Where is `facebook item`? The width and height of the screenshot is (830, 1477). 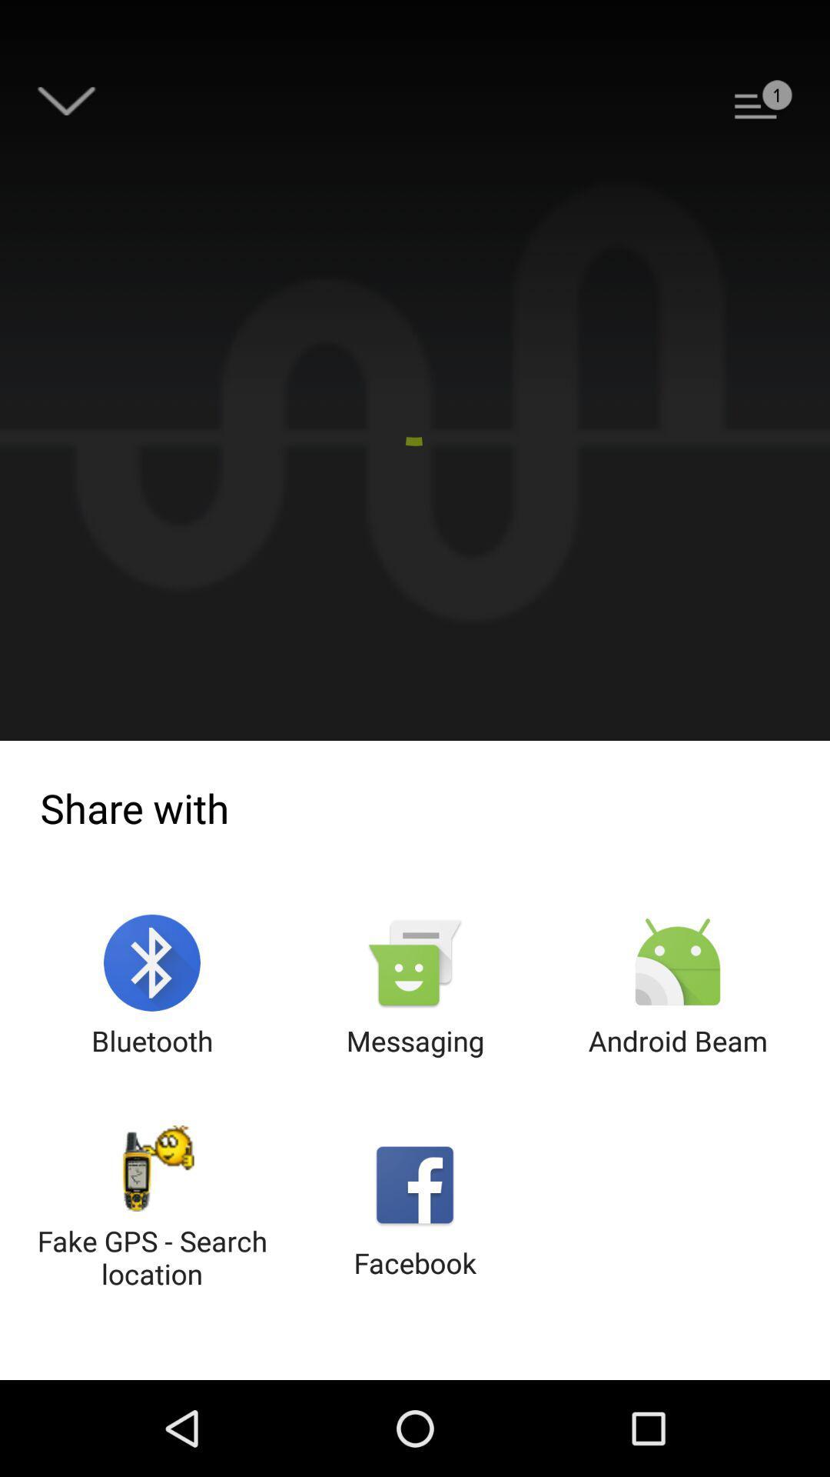 facebook item is located at coordinates (415, 1208).